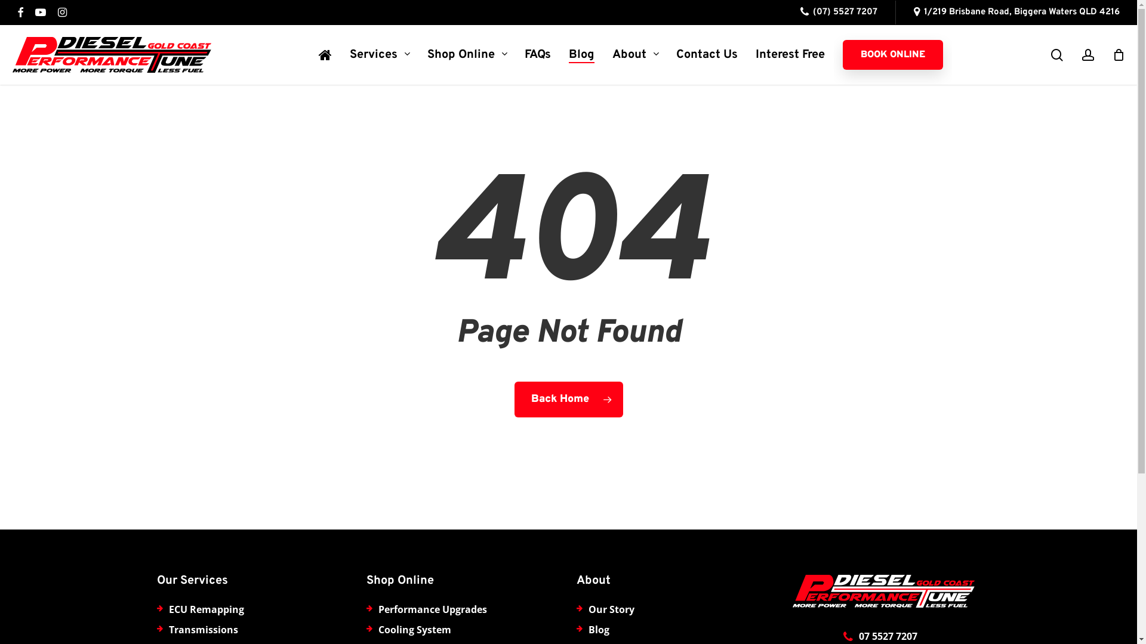 The width and height of the screenshot is (1146, 644). Describe the element at coordinates (707, 55) in the screenshot. I see `'Contact Us'` at that location.